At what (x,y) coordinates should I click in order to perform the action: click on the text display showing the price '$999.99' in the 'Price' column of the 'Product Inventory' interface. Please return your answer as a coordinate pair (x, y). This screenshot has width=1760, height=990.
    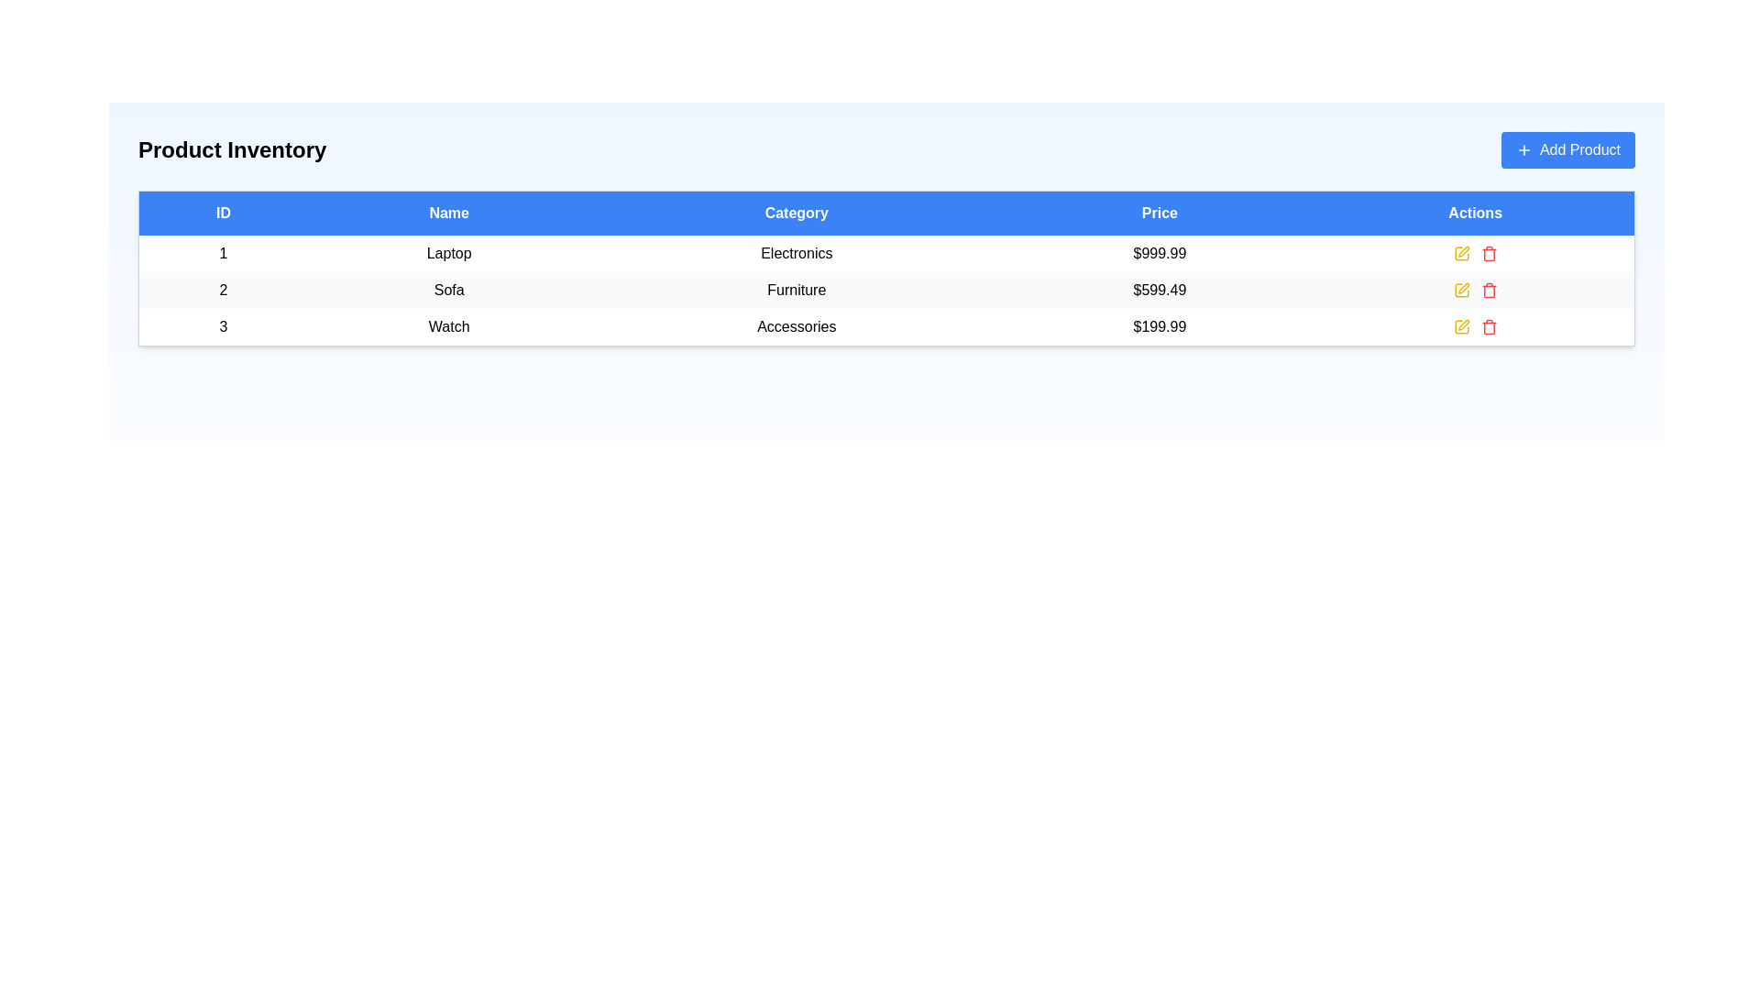
    Looking at the image, I should click on (1159, 254).